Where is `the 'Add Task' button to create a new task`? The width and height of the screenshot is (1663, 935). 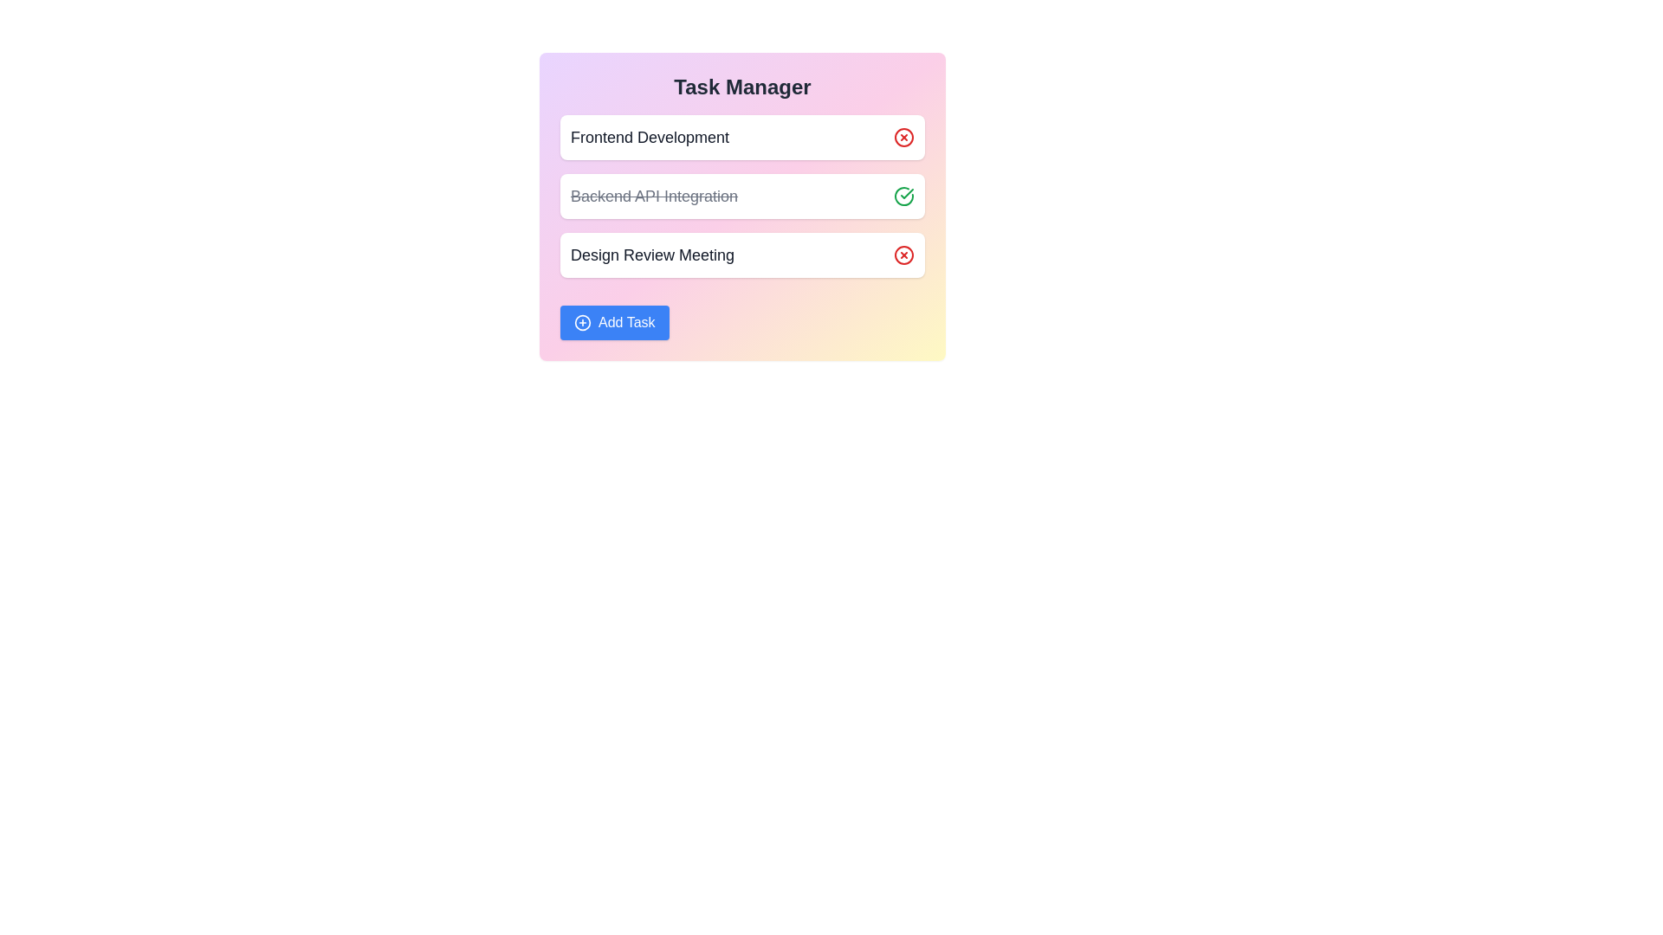
the 'Add Task' button to create a new task is located at coordinates (614, 323).